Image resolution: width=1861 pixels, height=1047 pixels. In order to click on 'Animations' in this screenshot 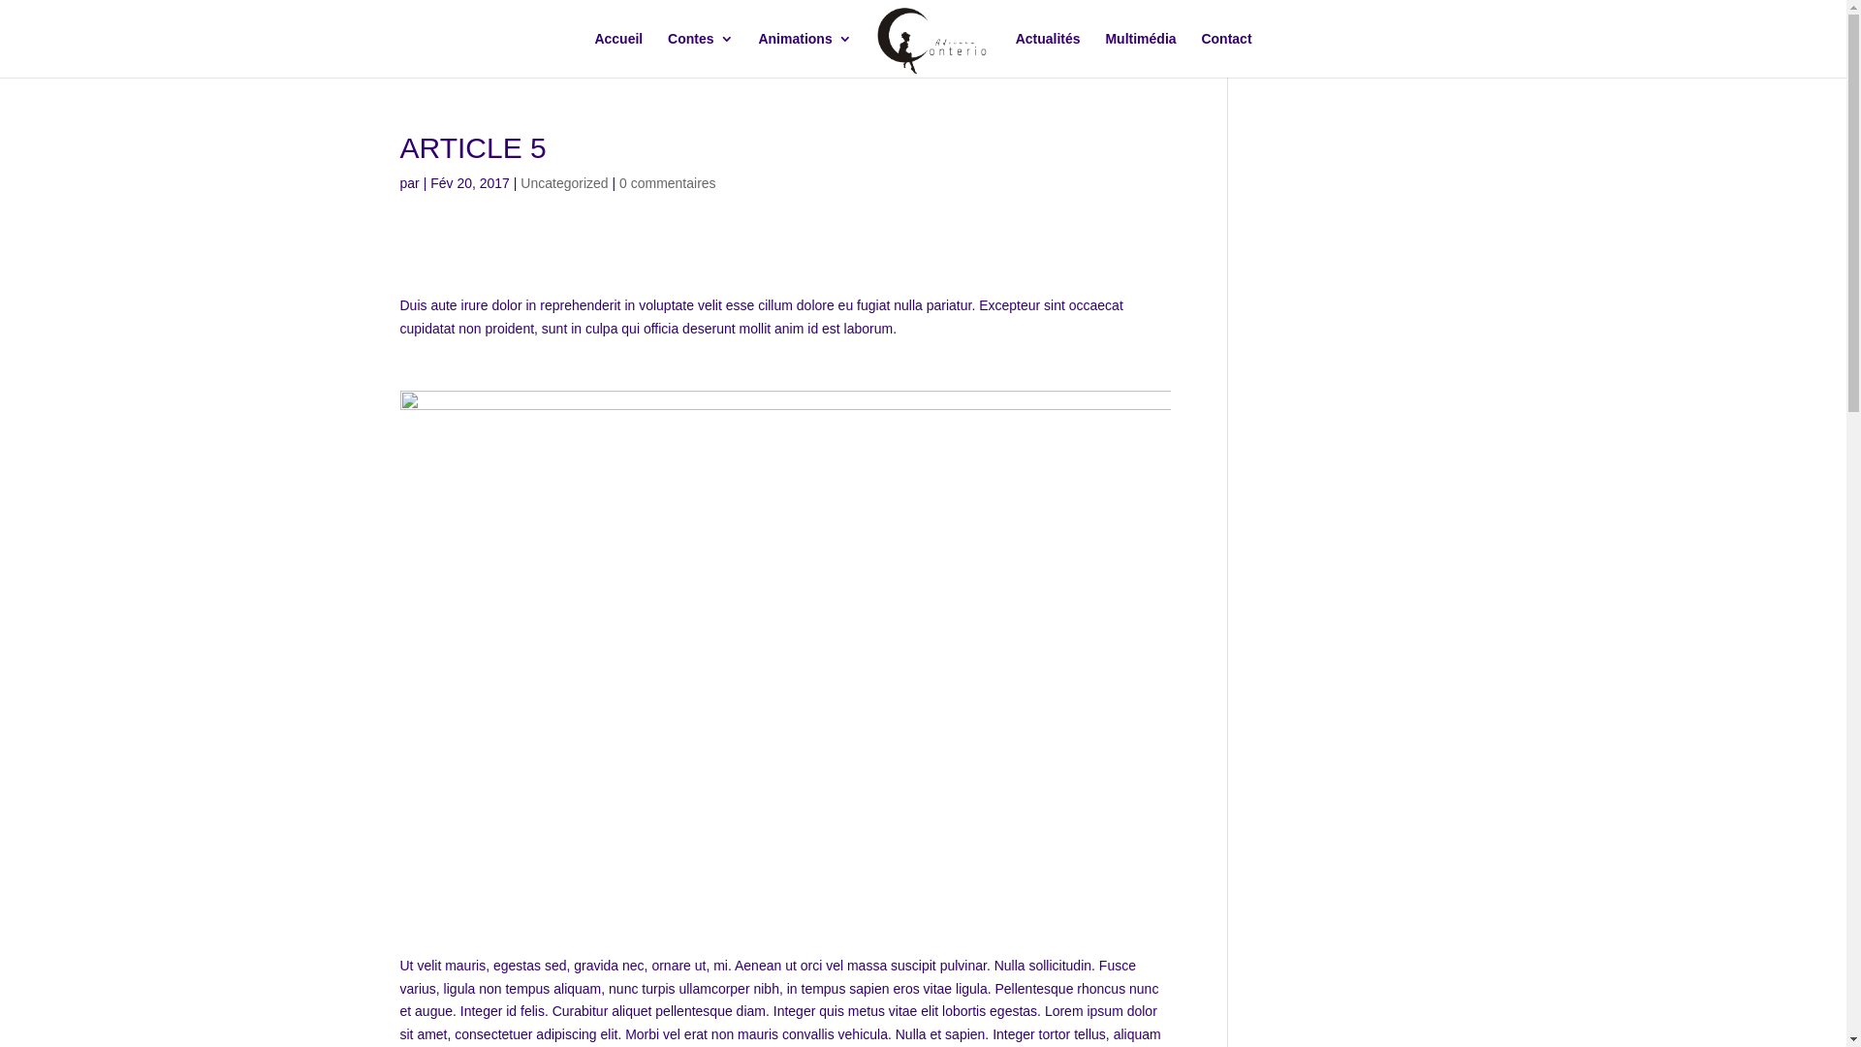, I will do `click(804, 53)`.